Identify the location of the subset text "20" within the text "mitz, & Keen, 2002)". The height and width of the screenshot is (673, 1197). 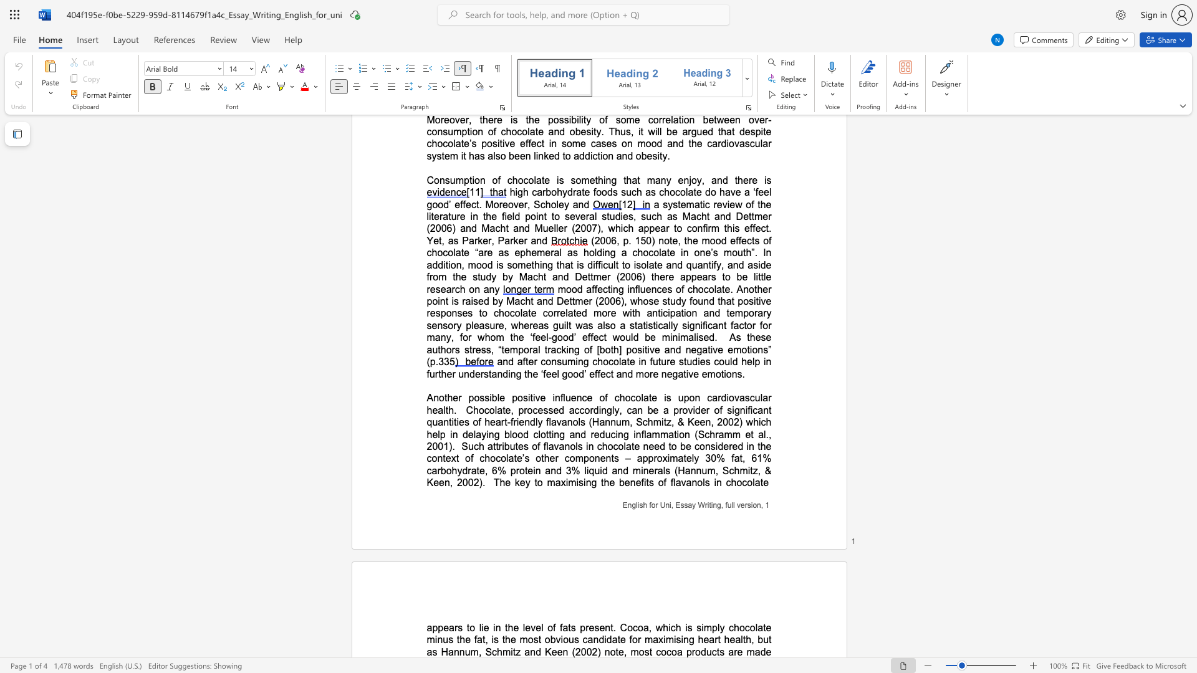
(456, 482).